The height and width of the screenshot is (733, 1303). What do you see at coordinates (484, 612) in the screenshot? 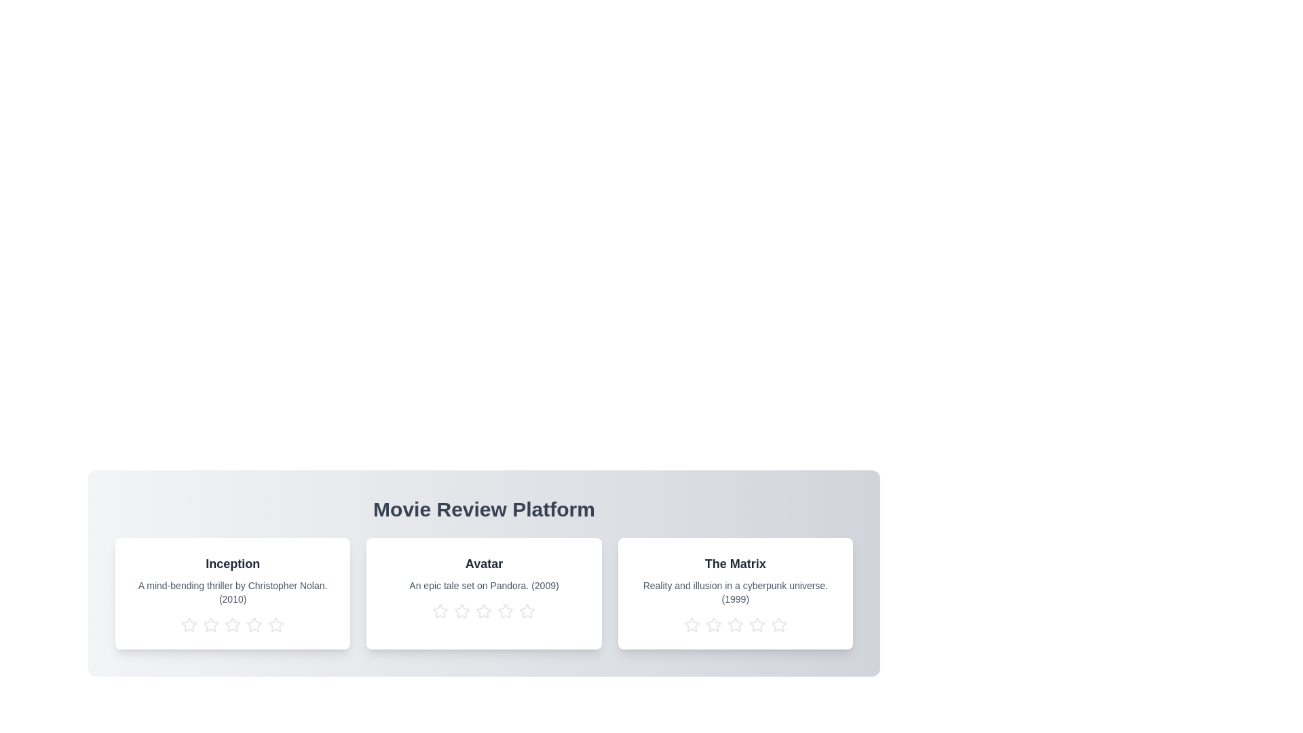
I see `the star corresponding to 3 stars for the movie titled Avatar` at bounding box center [484, 612].